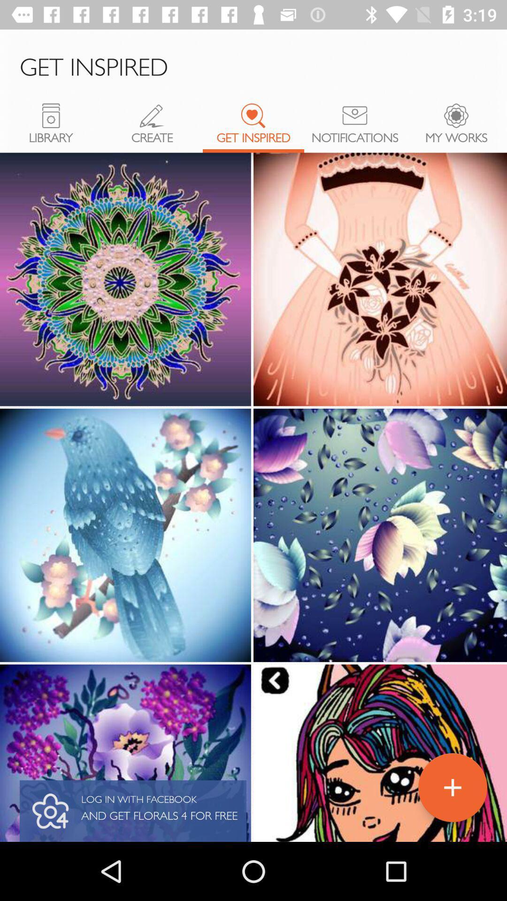 This screenshot has height=901, width=507. I want to click on notifications, so click(355, 128).